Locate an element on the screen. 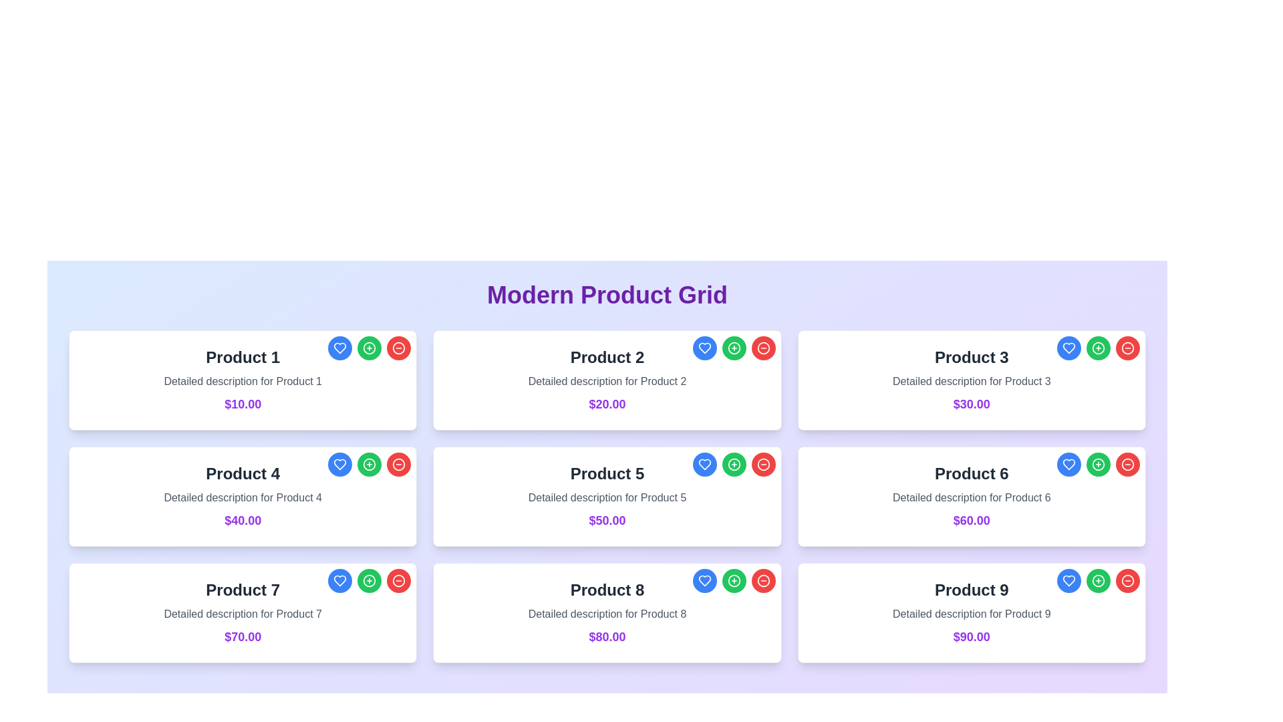 This screenshot has height=722, width=1283. the circular blue button with a white heart icon located in the top right corner of the card for 'Product 4' is located at coordinates (340, 463).